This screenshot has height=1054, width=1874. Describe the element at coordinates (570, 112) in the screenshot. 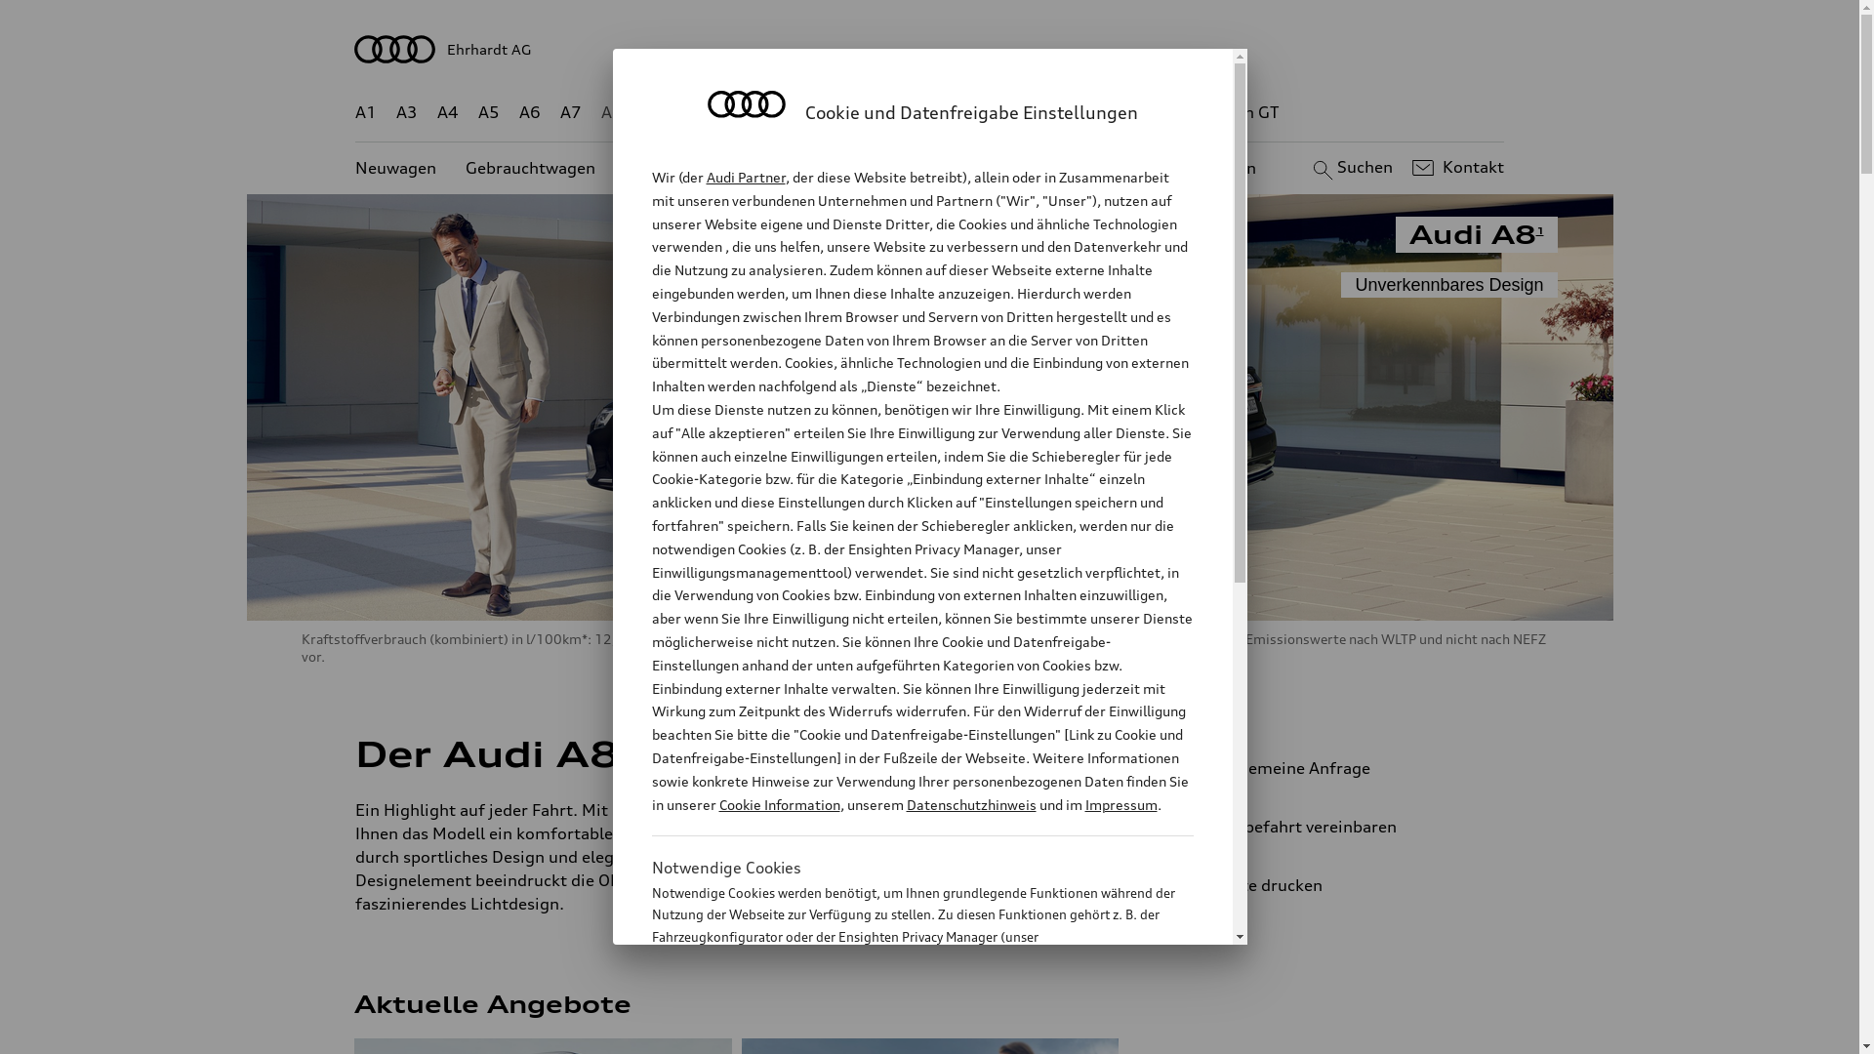

I see `'A7'` at that location.